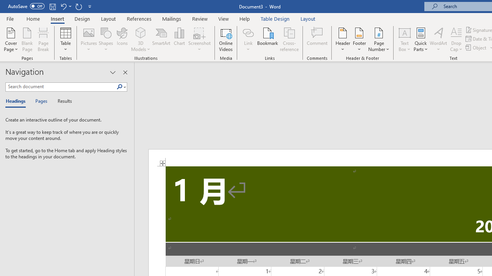  Describe the element at coordinates (476, 48) in the screenshot. I see `'Object...'` at that location.